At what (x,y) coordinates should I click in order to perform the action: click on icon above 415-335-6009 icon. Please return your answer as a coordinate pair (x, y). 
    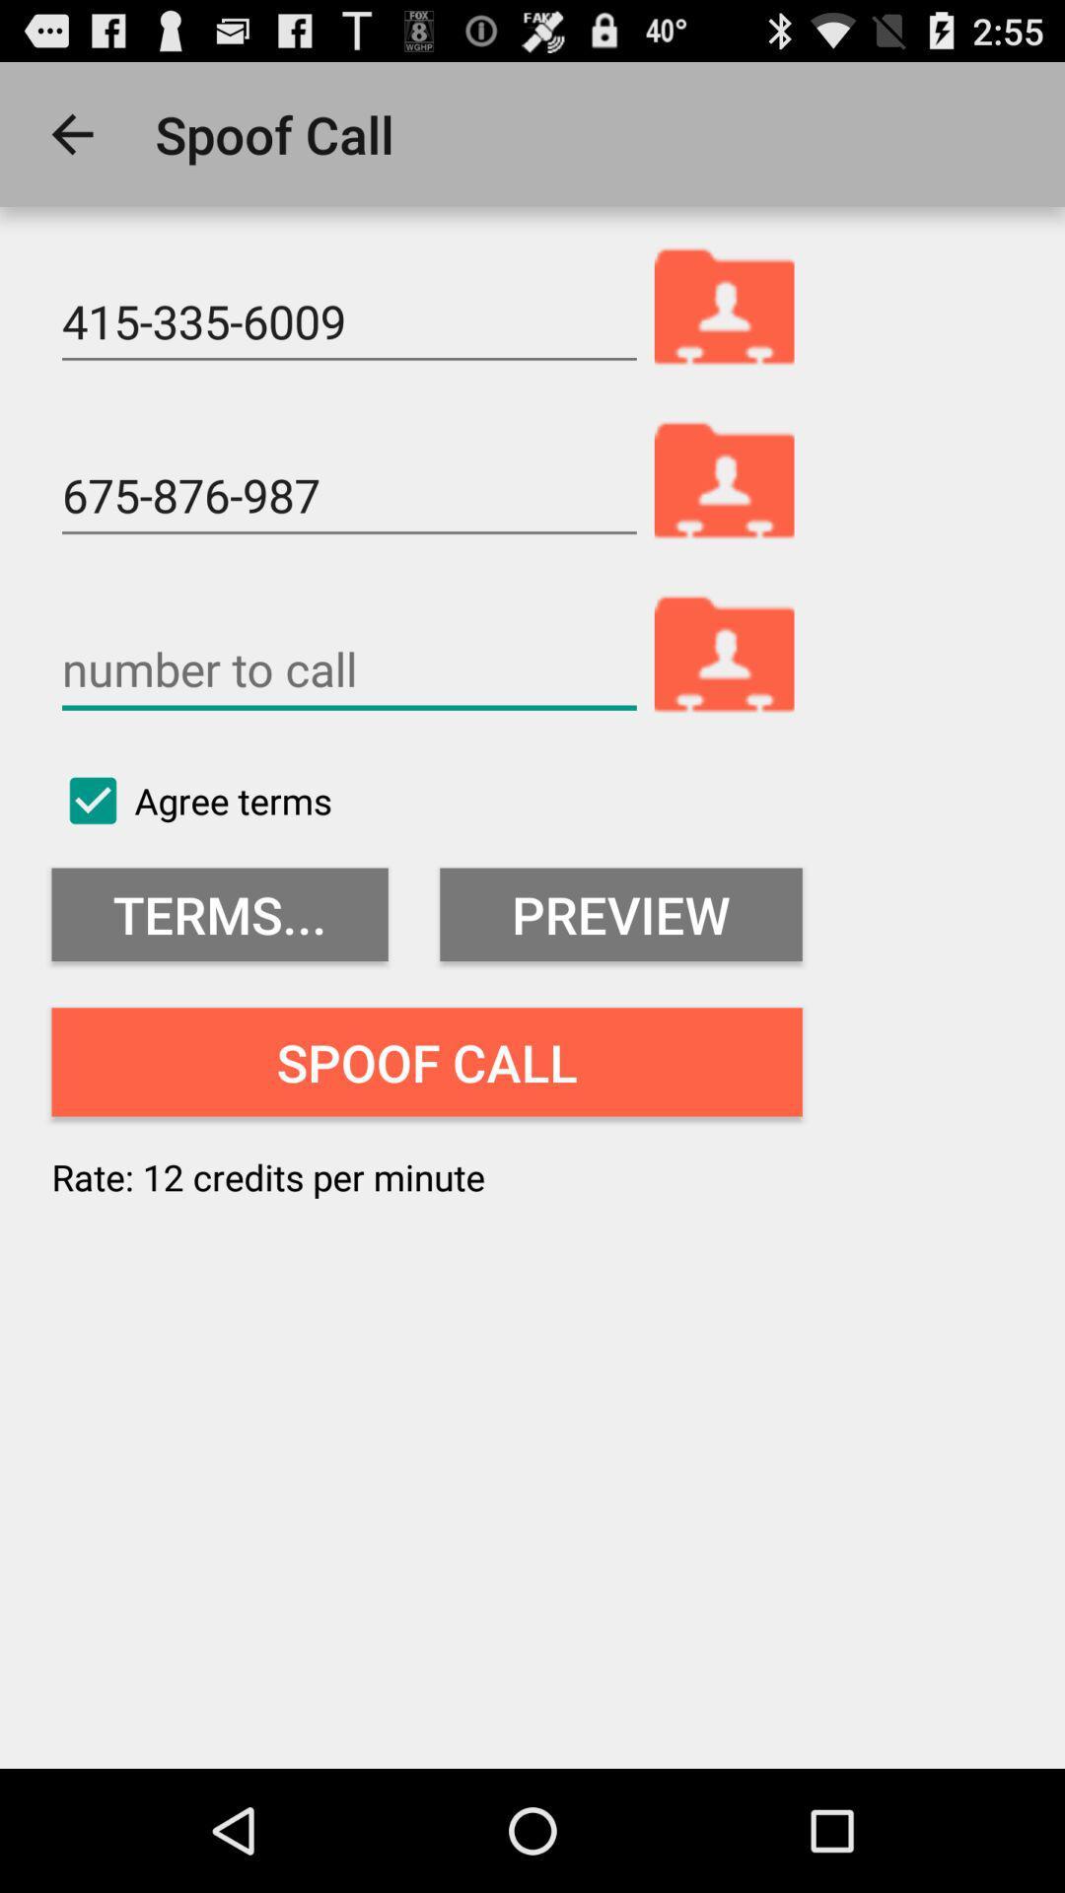
    Looking at the image, I should click on (71, 133).